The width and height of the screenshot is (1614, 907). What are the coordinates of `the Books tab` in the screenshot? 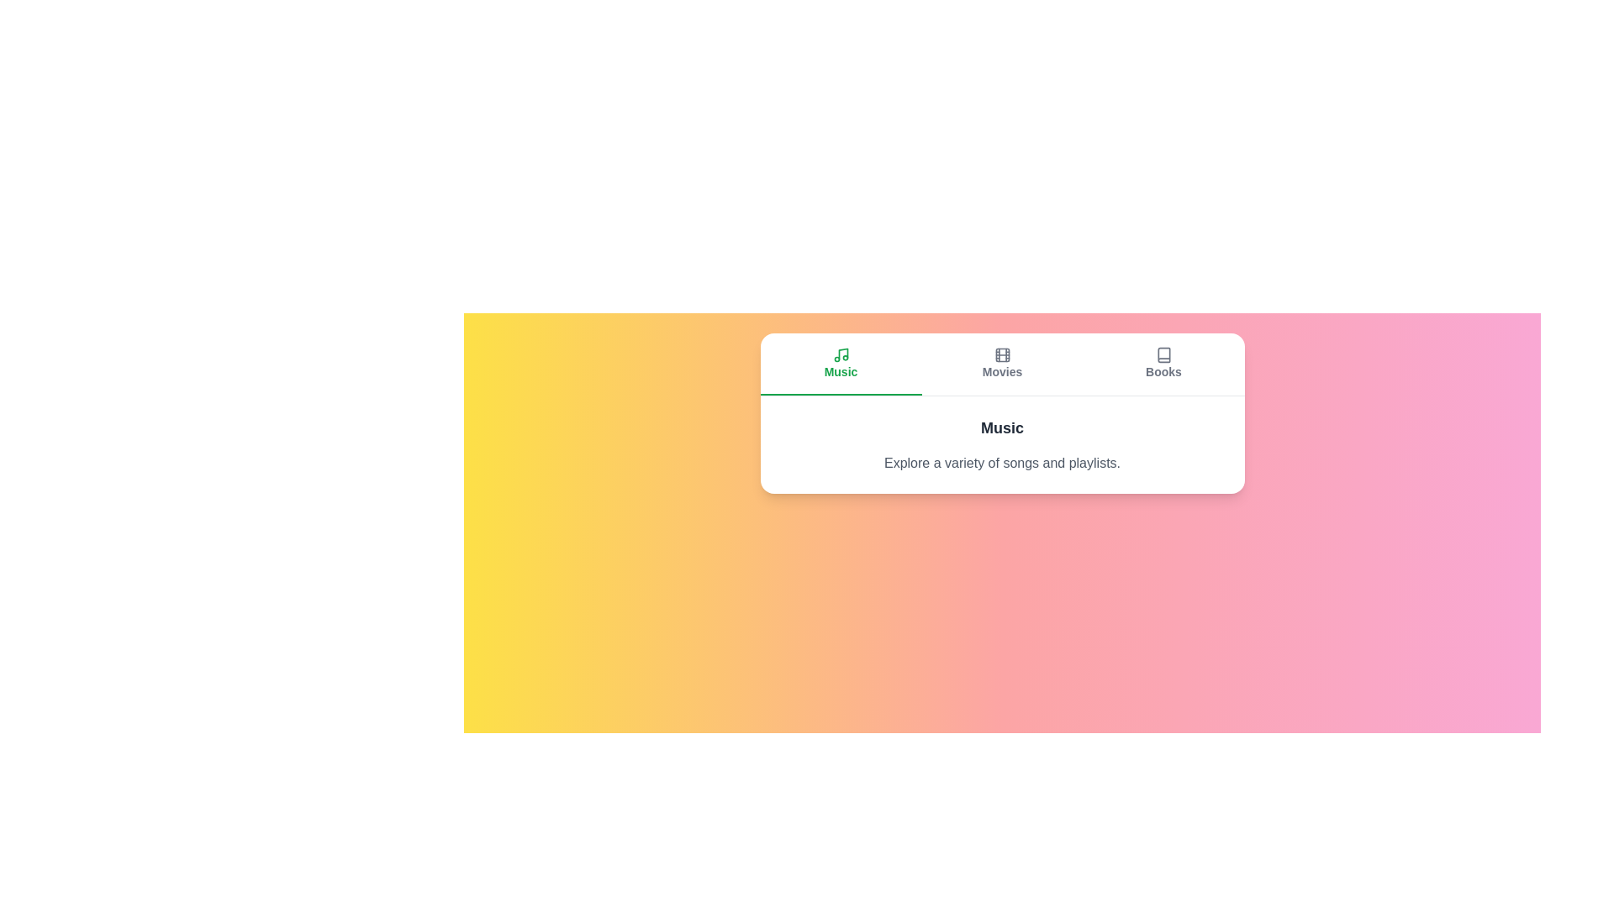 It's located at (1163, 364).